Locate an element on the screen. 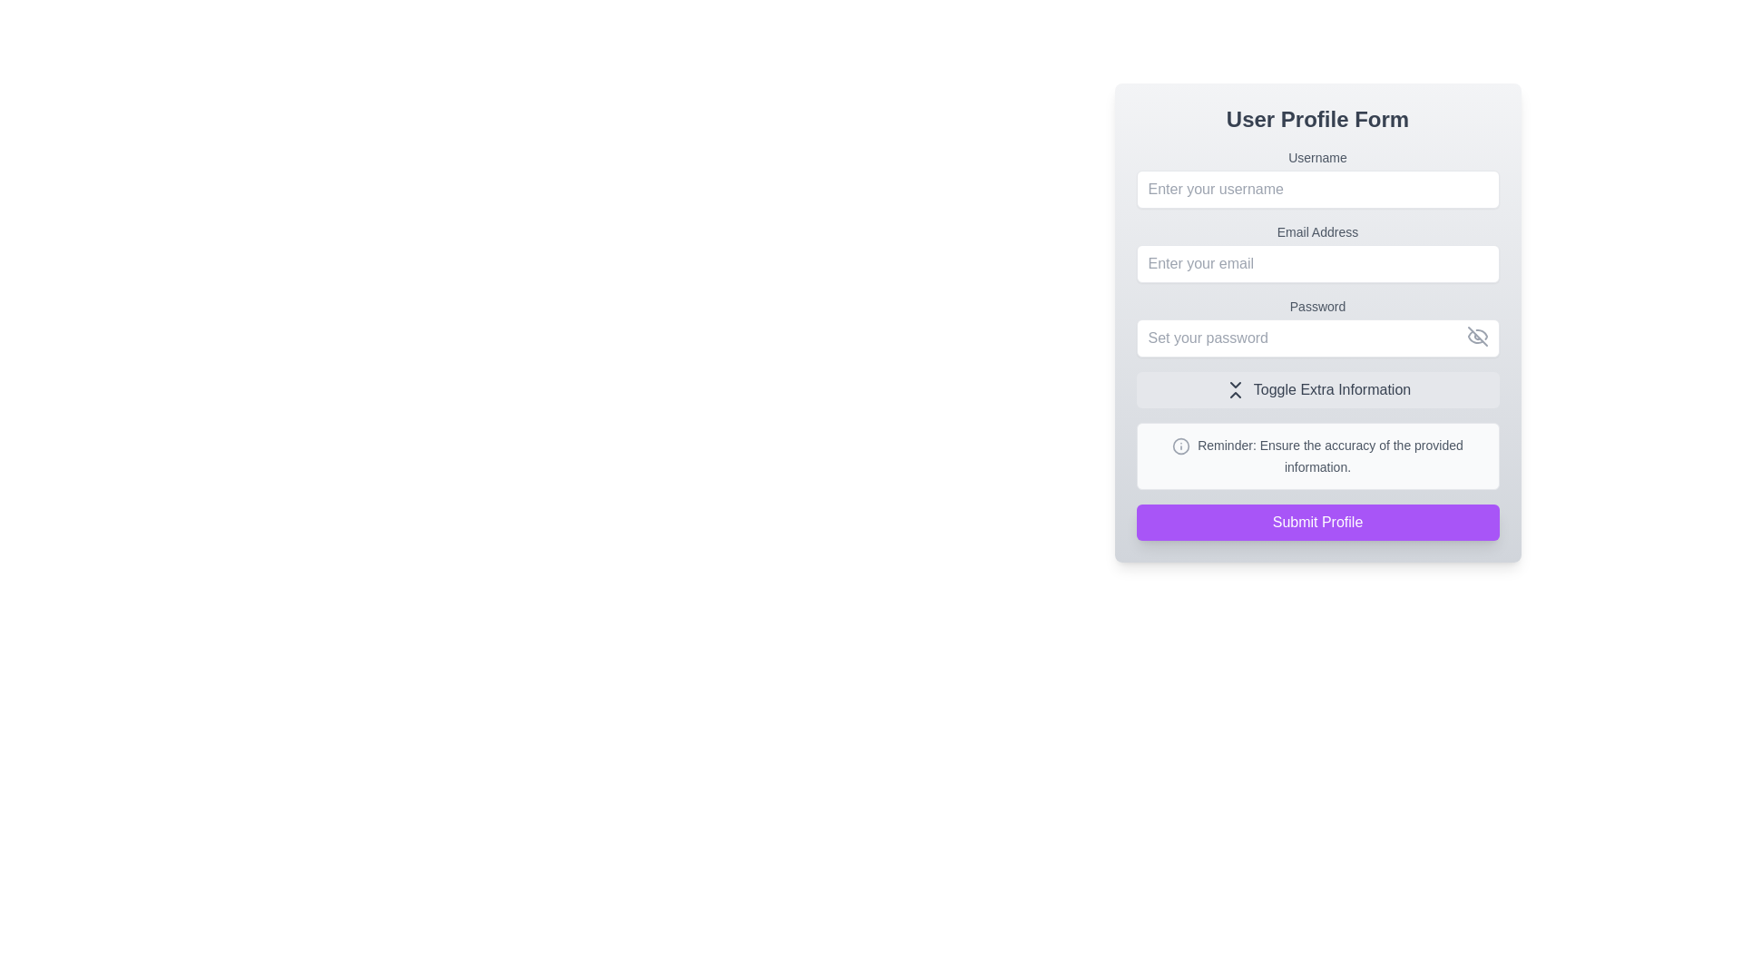 The height and width of the screenshot is (980, 1742). the toggle button located above the 'Reminder: Ensure the accuracy of the provided information' section is located at coordinates (1317, 388).